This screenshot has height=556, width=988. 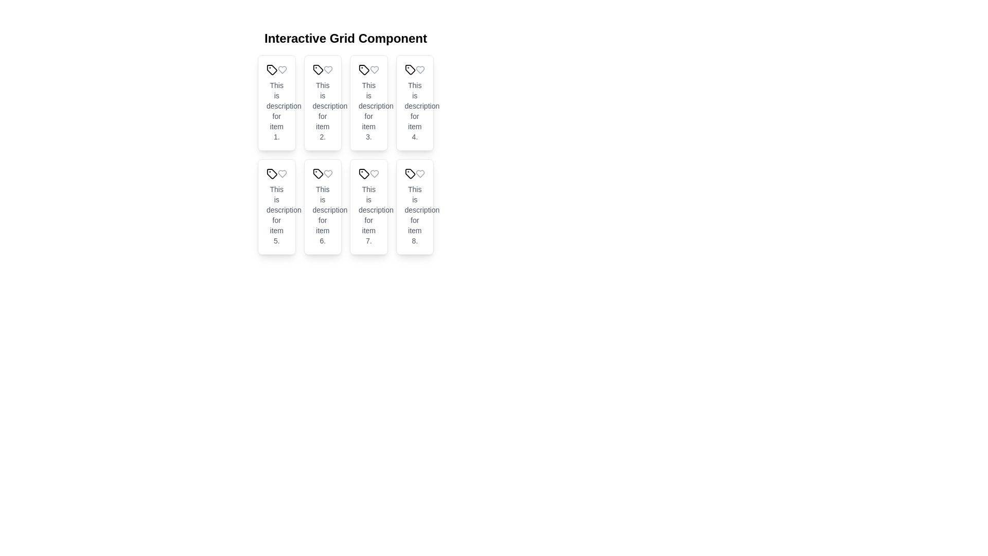 I want to click on the Icon located in the top left grid cell of the interactive grid, which serves as a visual tag to categorize or represent an item, so click(x=272, y=69).